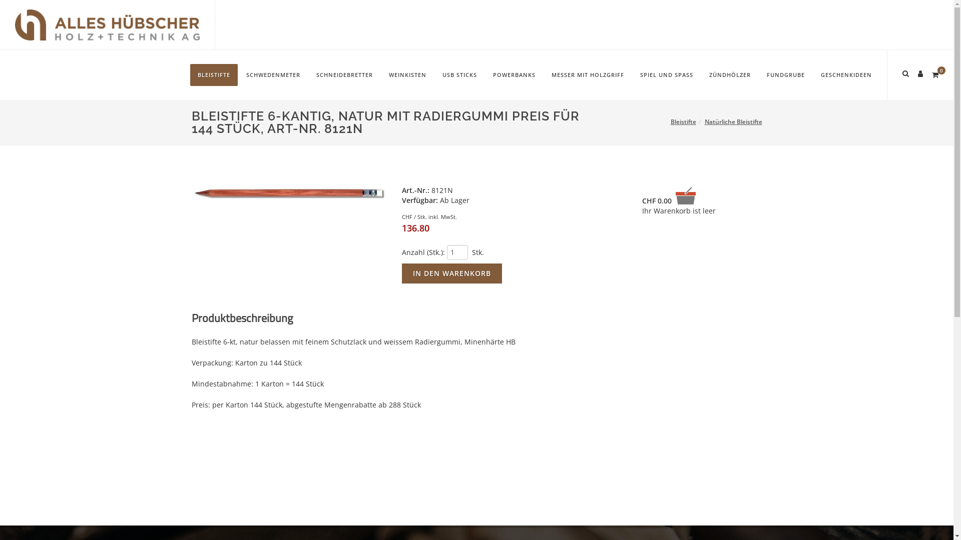 Image resolution: width=961 pixels, height=540 pixels. I want to click on 'In den Warenkorb', so click(451, 273).